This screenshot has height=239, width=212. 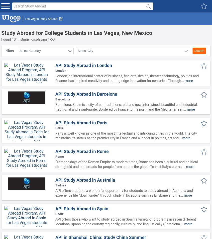 I want to click on 'API Study Abroad in Australia', so click(x=85, y=180).